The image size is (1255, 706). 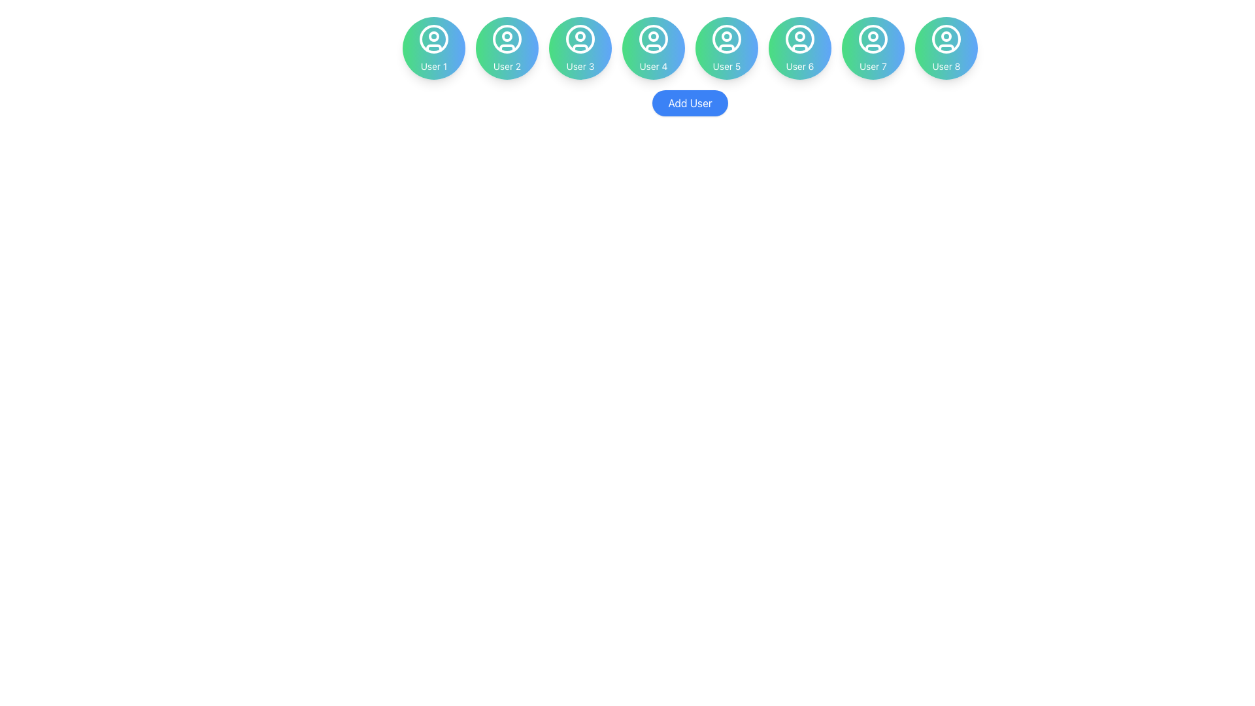 What do you see at coordinates (433, 47) in the screenshot?
I see `the user represented` at bounding box center [433, 47].